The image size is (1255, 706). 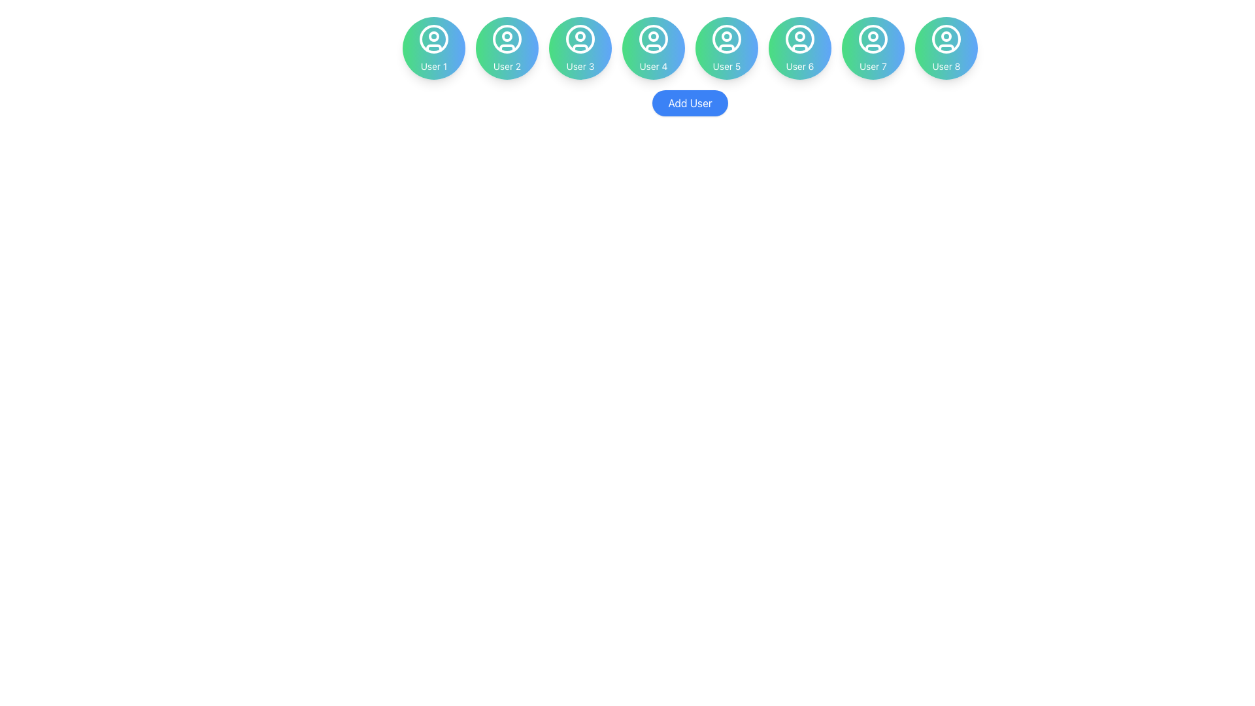 What do you see at coordinates (433, 47) in the screenshot?
I see `the user represented` at bounding box center [433, 47].